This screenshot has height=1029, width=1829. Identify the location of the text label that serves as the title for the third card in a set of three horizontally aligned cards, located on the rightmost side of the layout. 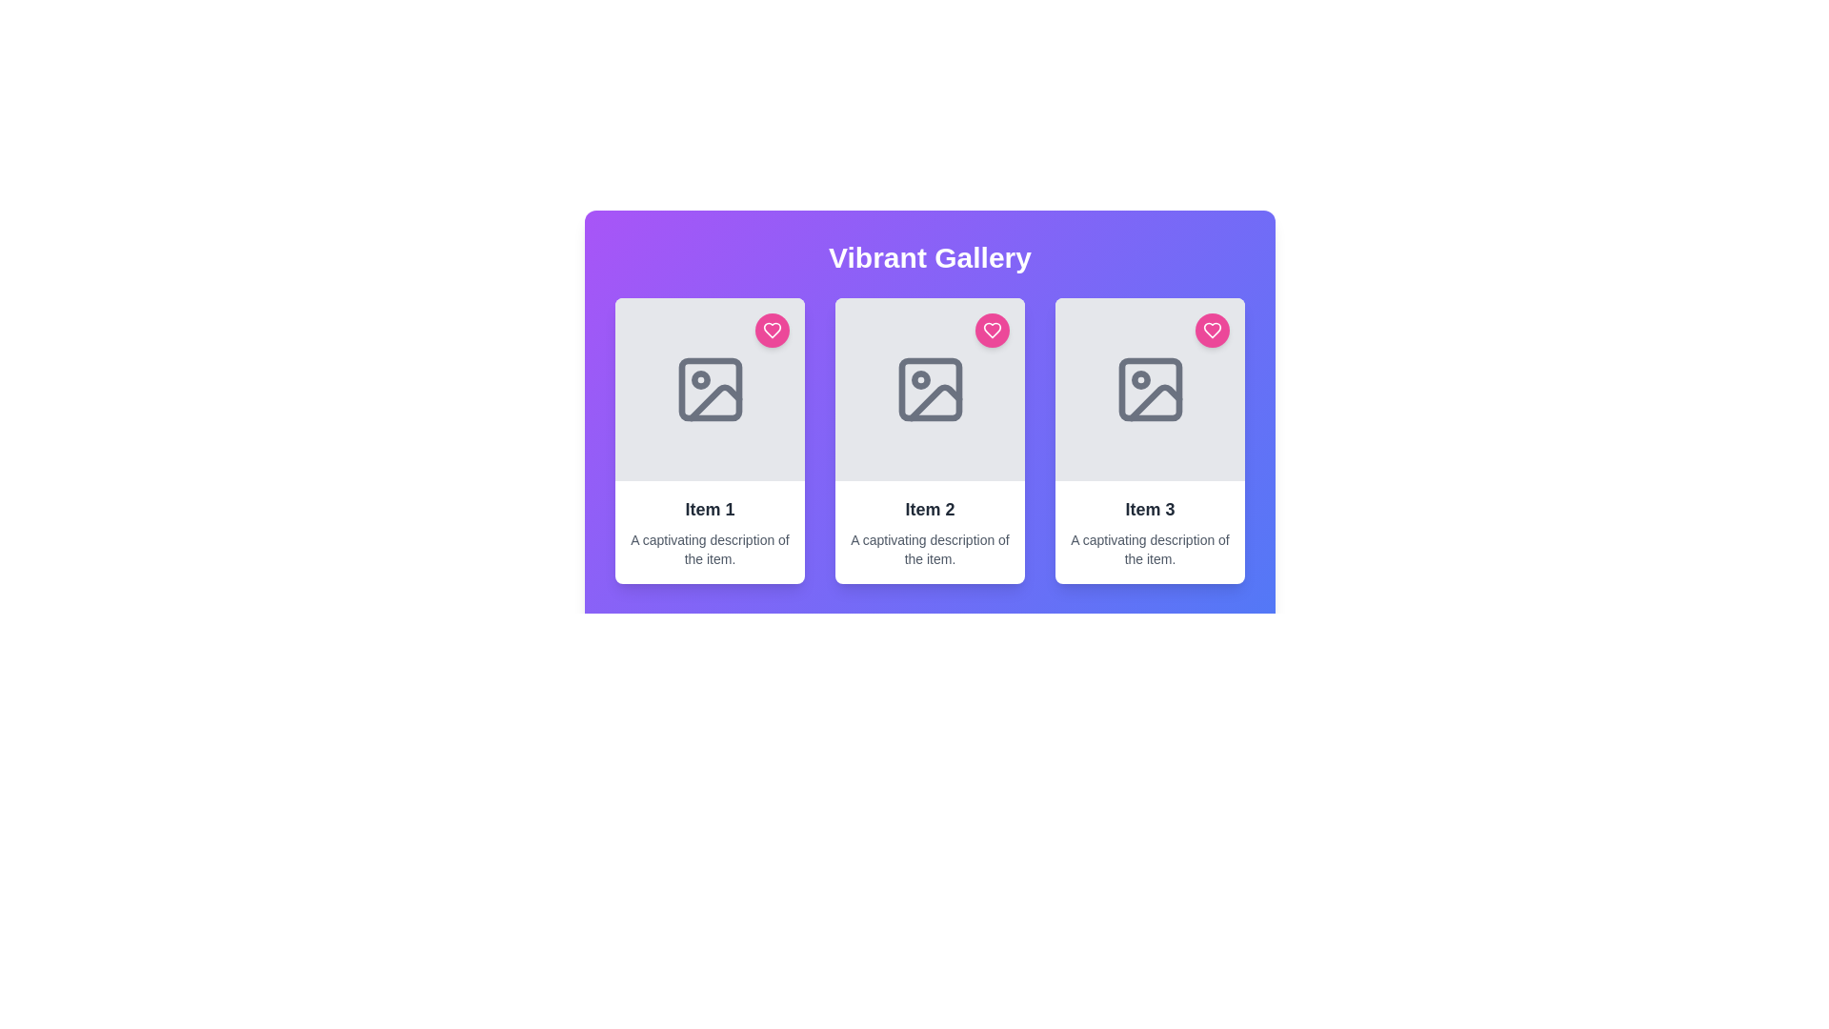
(1149, 509).